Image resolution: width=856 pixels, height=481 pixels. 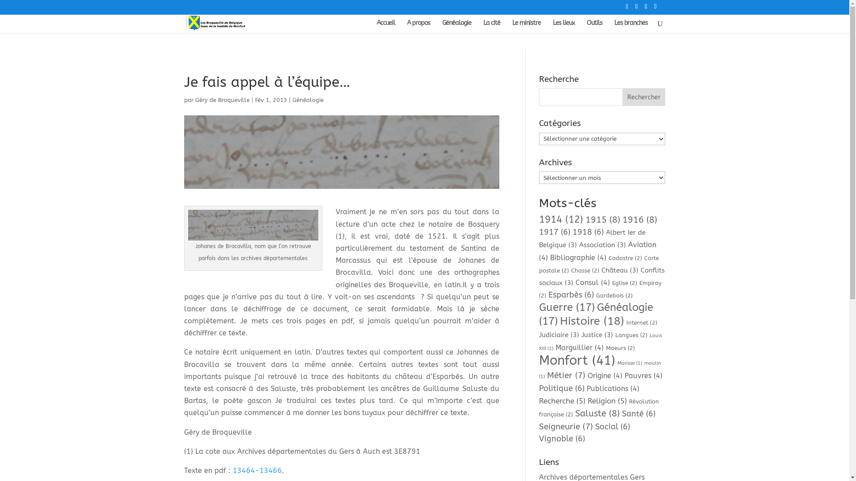 What do you see at coordinates (562, 401) in the screenshot?
I see `'Recherche (5)'` at bounding box center [562, 401].